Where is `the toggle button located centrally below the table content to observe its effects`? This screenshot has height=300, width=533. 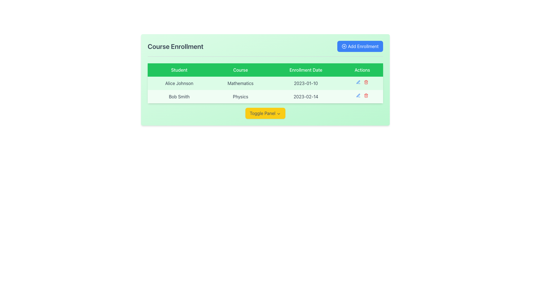
the toggle button located centrally below the table content to observe its effects is located at coordinates (265, 113).